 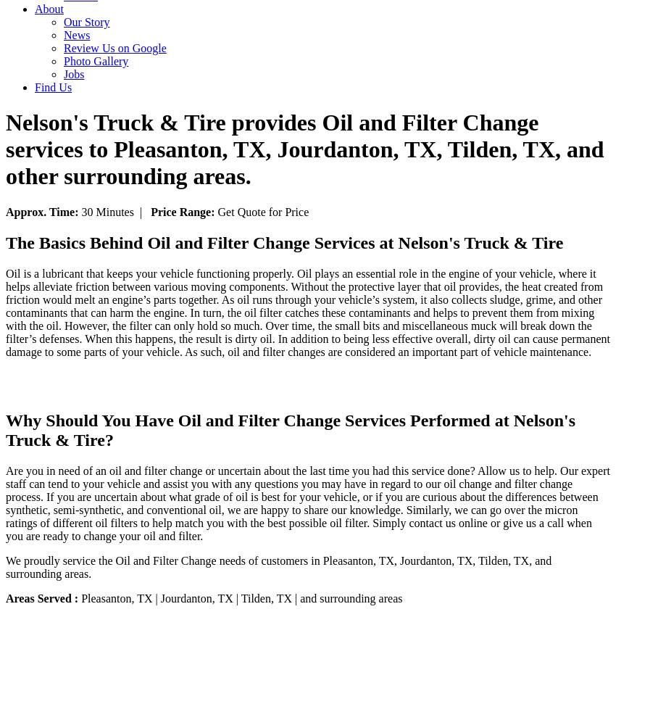 I want to click on 'Nelson's Truck & Tire provides Oil and Filter Change services to Pleasanton, TX, Jourdanton, TX, Tilden, TX, and other surrounding areas.', so click(x=304, y=149).